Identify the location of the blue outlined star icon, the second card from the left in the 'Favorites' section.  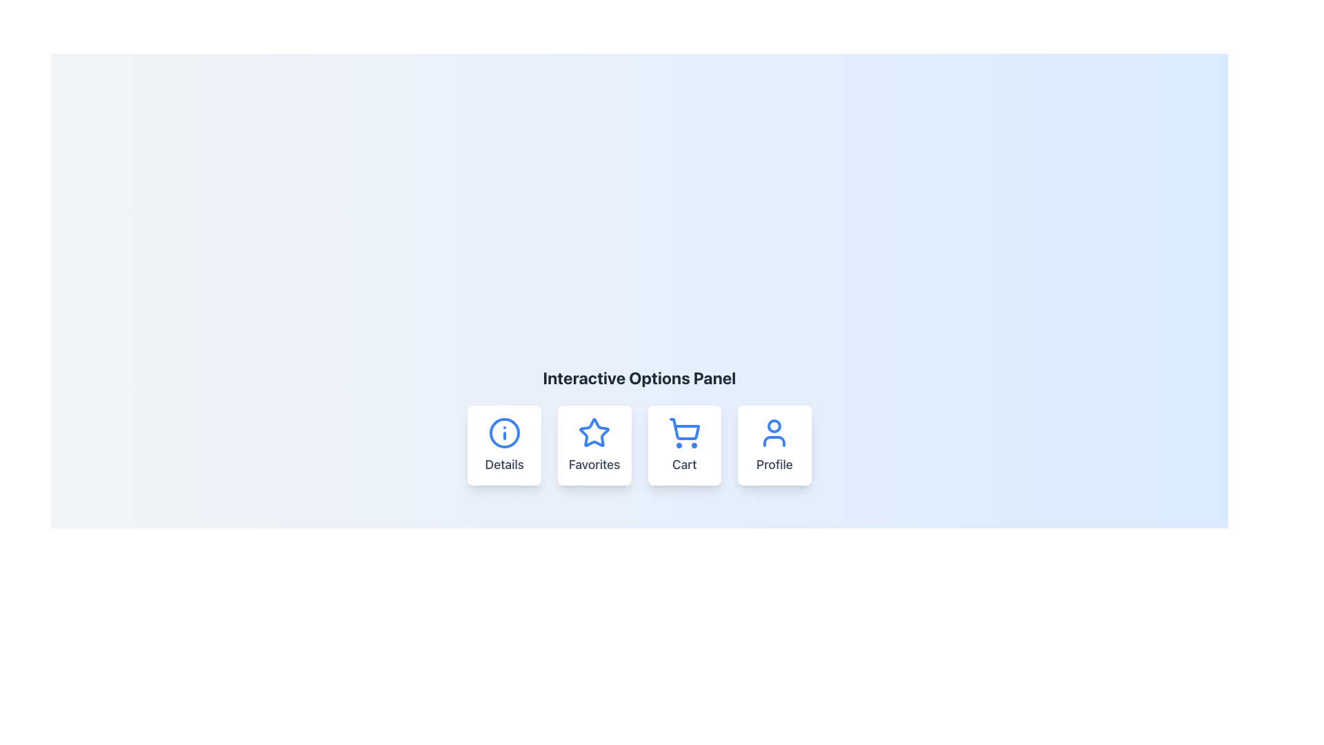
(594, 432).